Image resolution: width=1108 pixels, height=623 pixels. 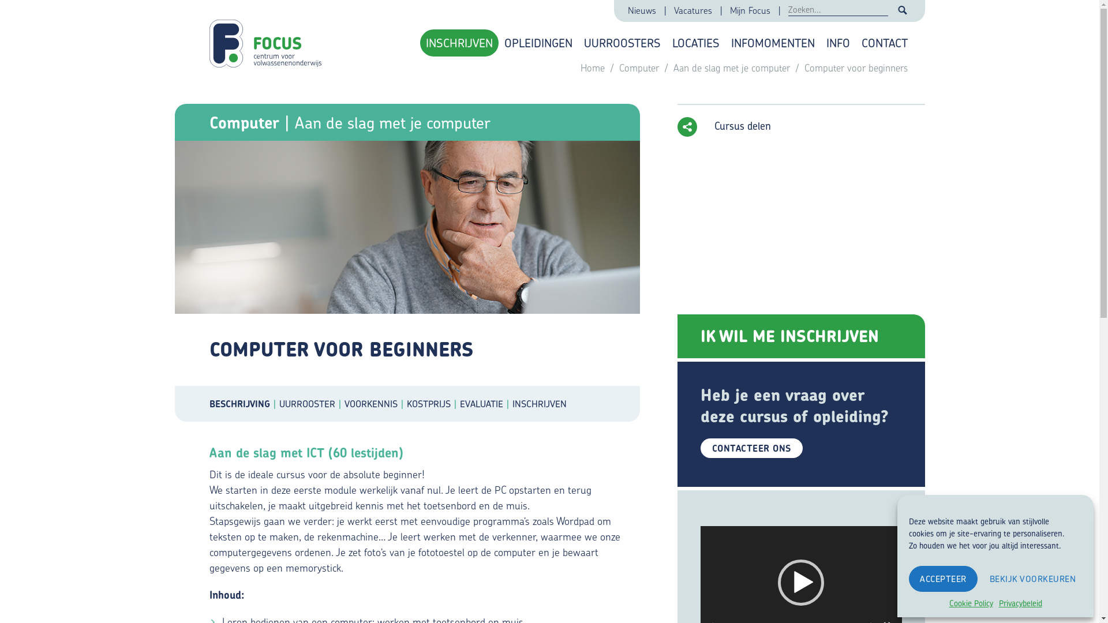 What do you see at coordinates (622, 42) in the screenshot?
I see `'UURROOSTERS'` at bounding box center [622, 42].